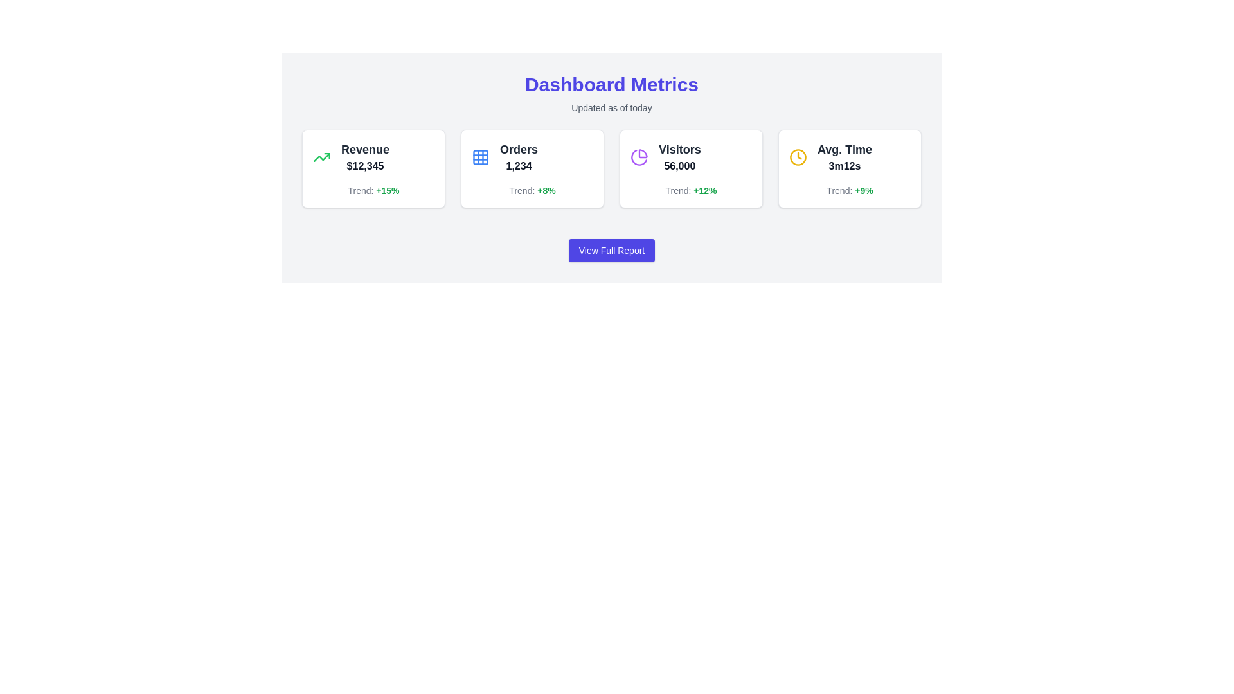  What do you see at coordinates (611, 250) in the screenshot?
I see `the rectangular button with a purple background and white text saying 'View Full Report' to trigger the hover effect, which is located below the statistics section` at bounding box center [611, 250].